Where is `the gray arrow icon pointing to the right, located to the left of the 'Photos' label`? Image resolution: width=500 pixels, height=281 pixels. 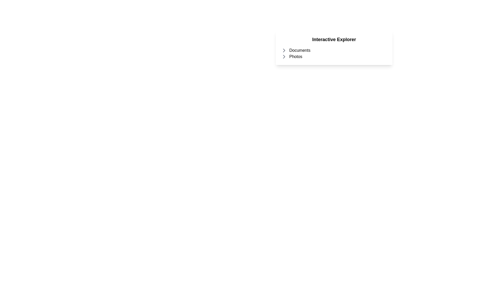
the gray arrow icon pointing to the right, located to the left of the 'Photos' label is located at coordinates (284, 57).